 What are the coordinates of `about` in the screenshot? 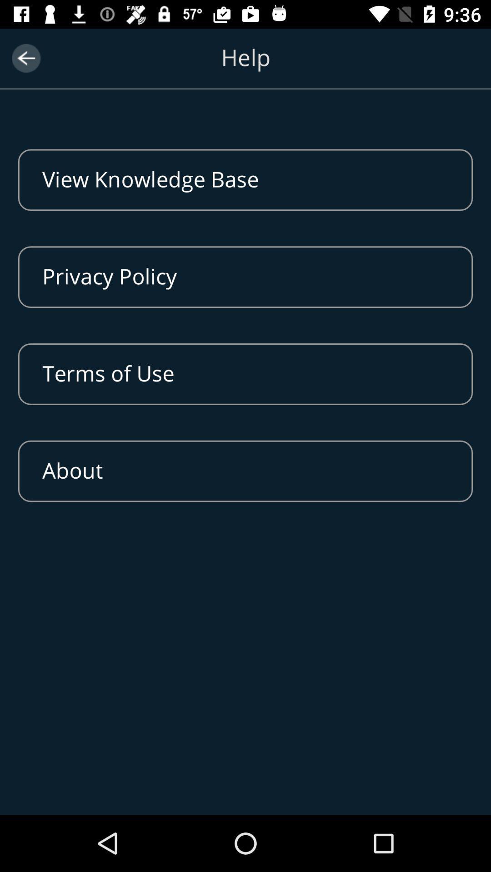 It's located at (245, 471).